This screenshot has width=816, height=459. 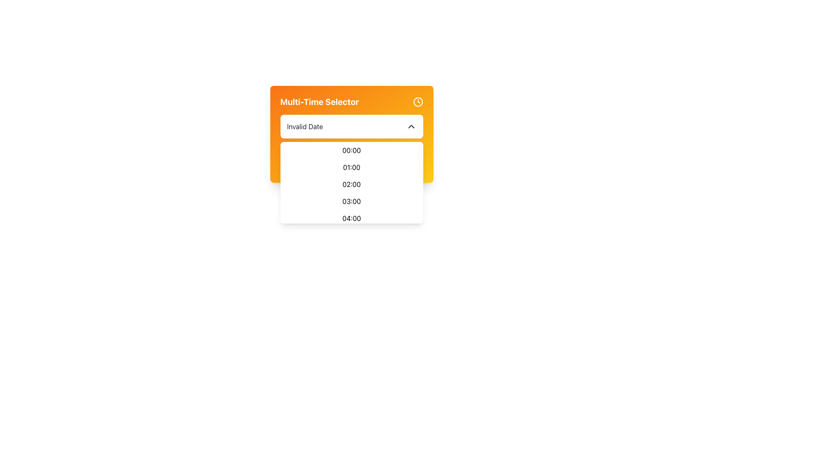 What do you see at coordinates (319, 101) in the screenshot?
I see `the Text Label that acts as the title or header for the associated card, located at the top-center of the UI card, with a clock icon adjacent to it` at bounding box center [319, 101].